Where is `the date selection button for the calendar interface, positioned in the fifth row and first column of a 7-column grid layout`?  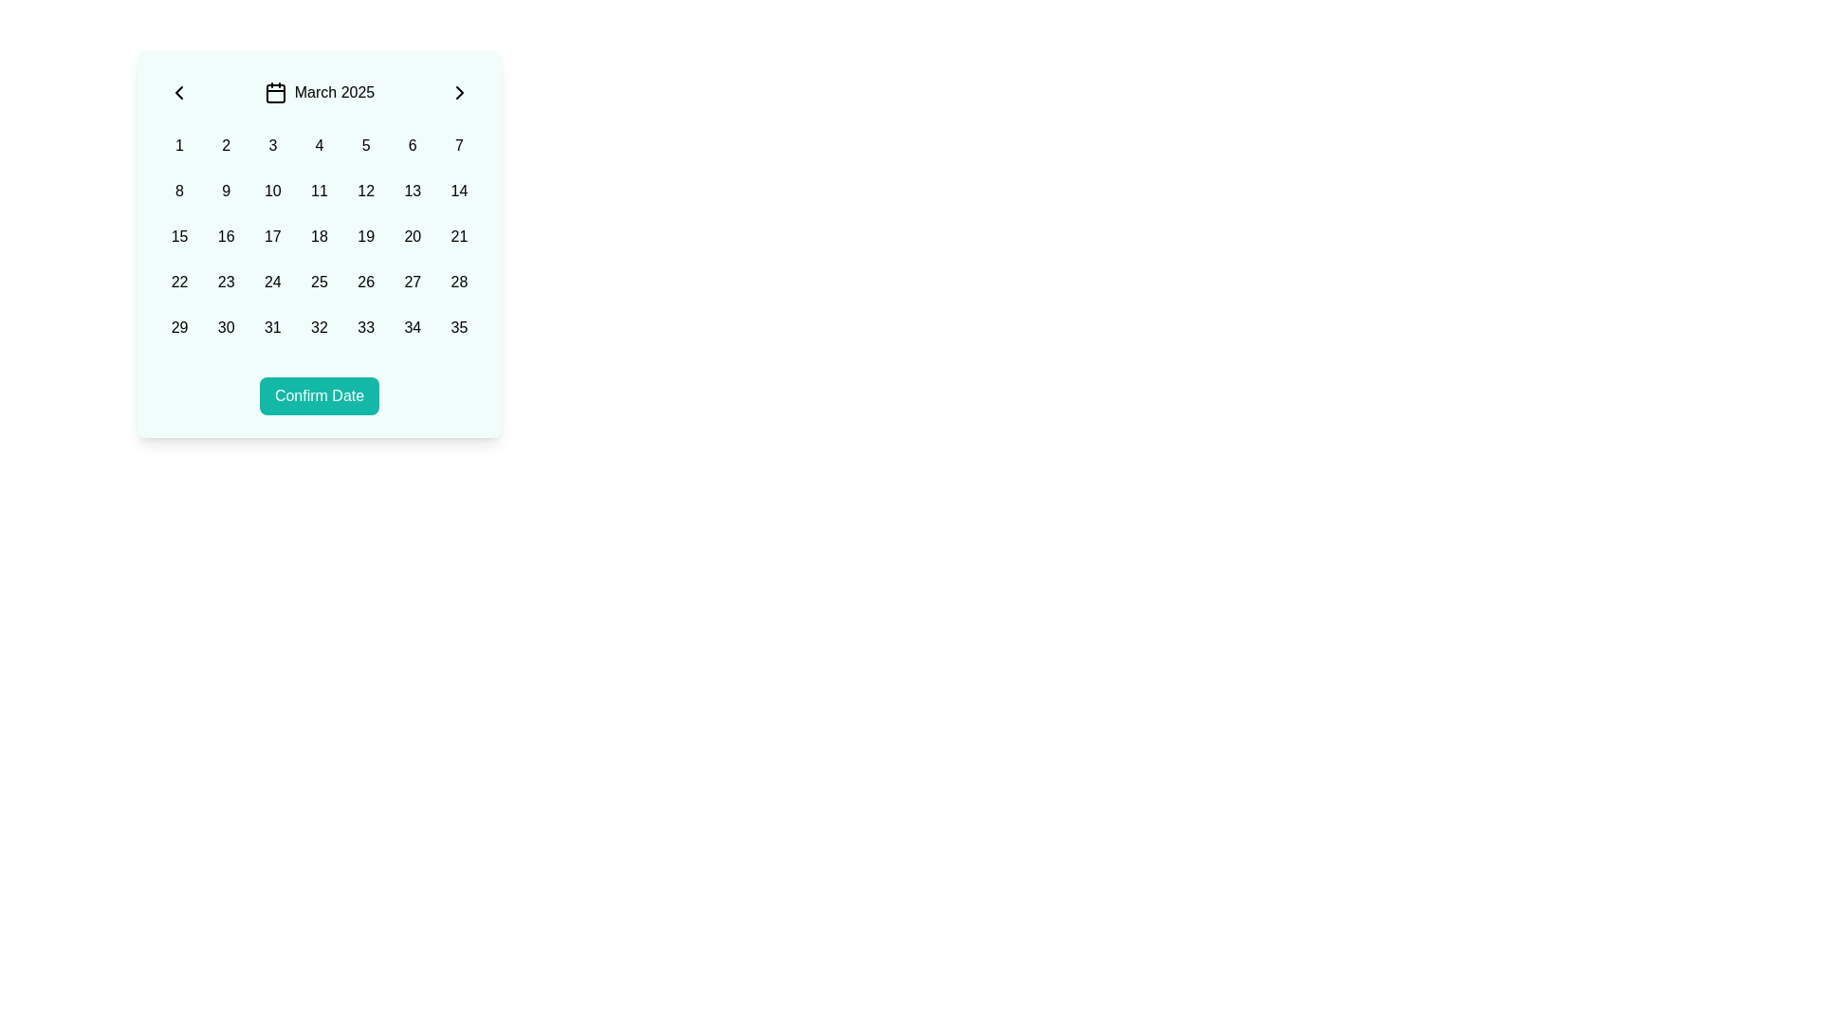
the date selection button for the calendar interface, positioned in the fifth row and first column of a 7-column grid layout is located at coordinates (179, 282).